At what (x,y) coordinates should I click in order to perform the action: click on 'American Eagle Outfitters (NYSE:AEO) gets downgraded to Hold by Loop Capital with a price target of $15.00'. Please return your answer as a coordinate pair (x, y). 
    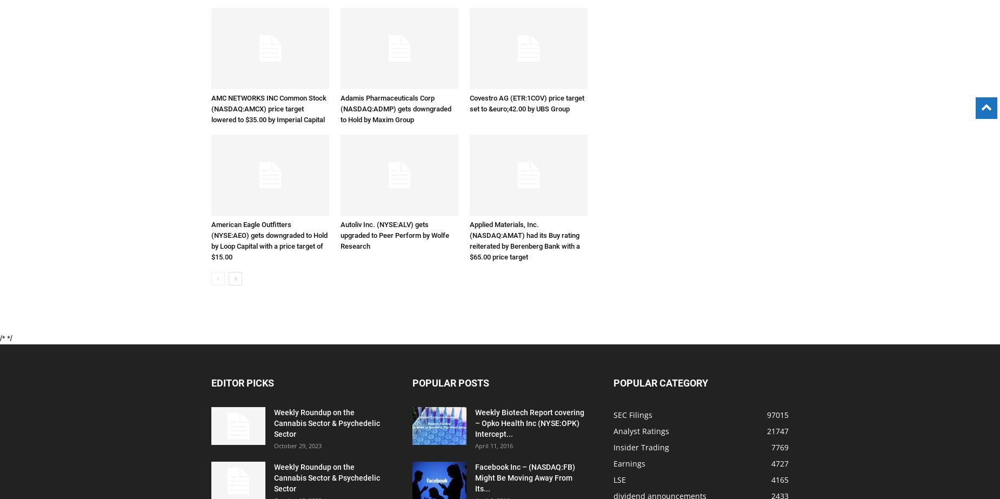
    Looking at the image, I should click on (269, 241).